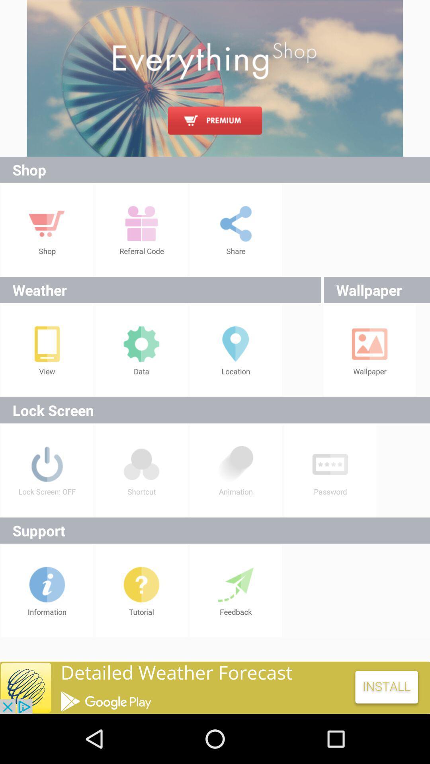 The height and width of the screenshot is (764, 430). What do you see at coordinates (215, 78) in the screenshot?
I see `add` at bounding box center [215, 78].